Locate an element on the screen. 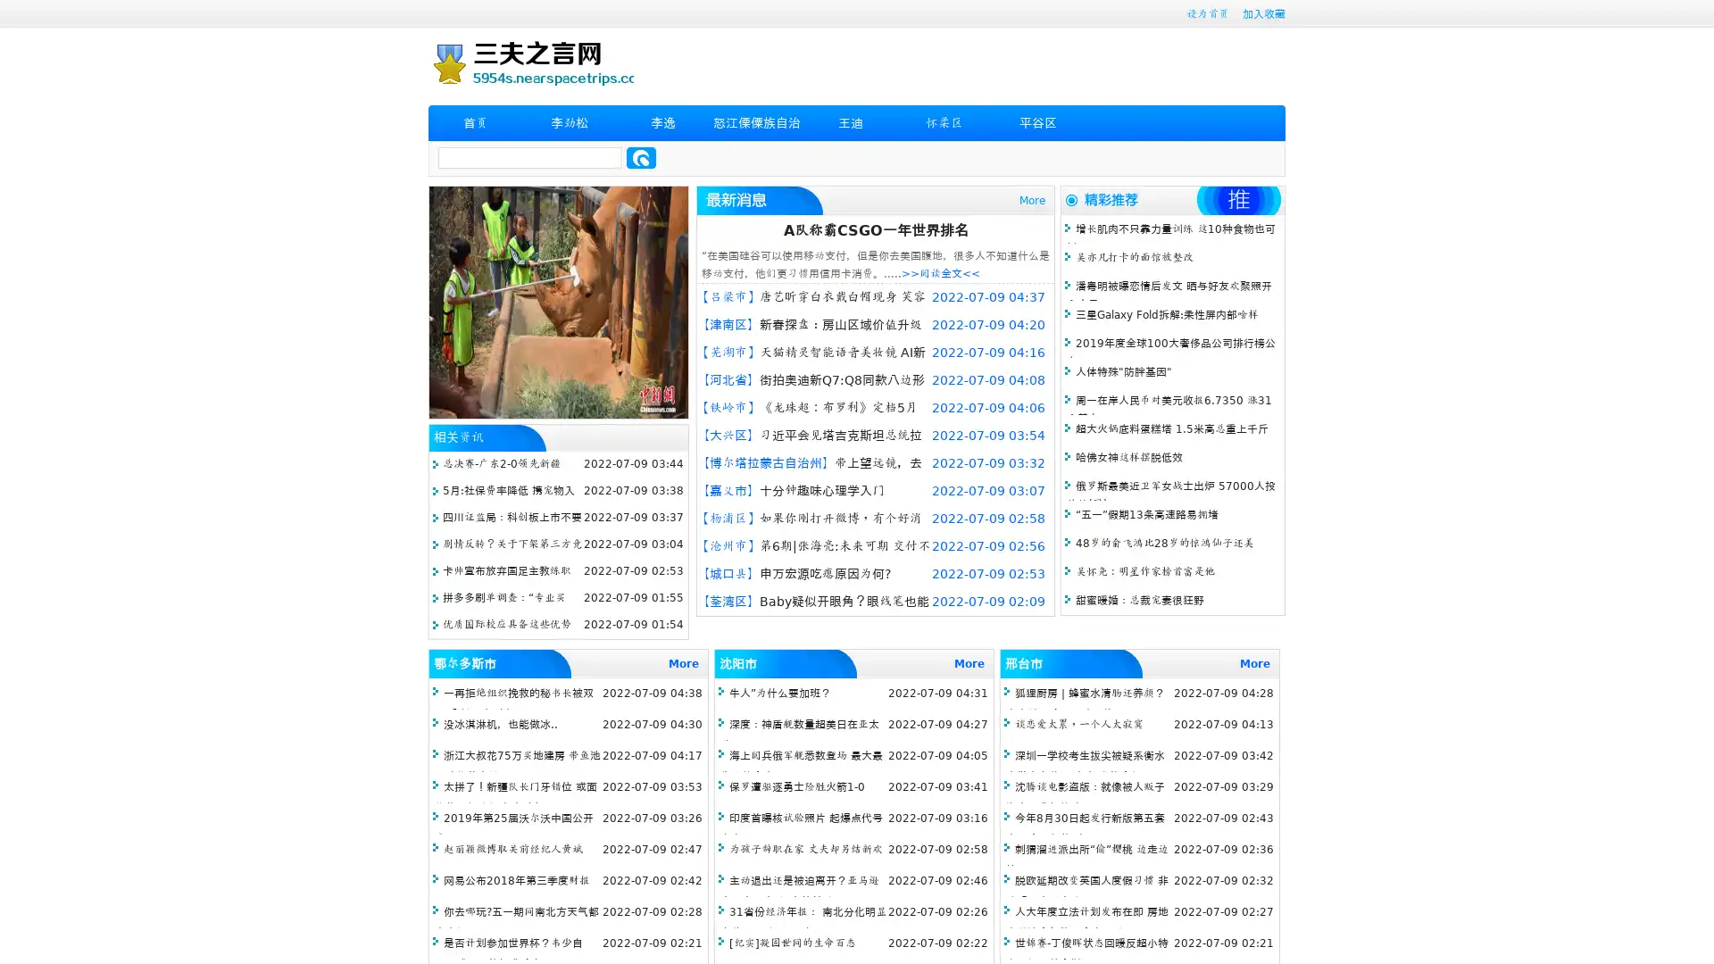 This screenshot has height=964, width=1714. Search is located at coordinates (641, 157).